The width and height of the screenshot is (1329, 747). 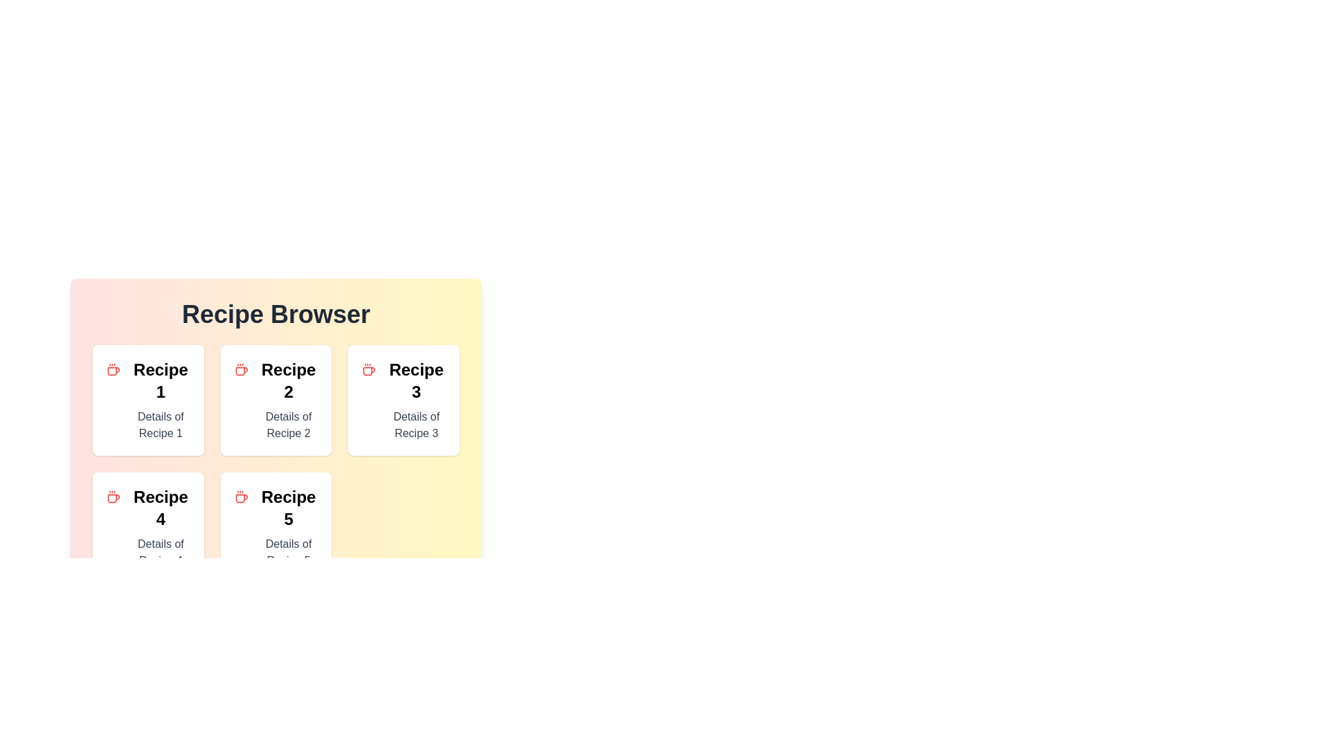 What do you see at coordinates (148, 400) in the screenshot?
I see `the card displaying 'Recipe 1' with a red coffee icon, located in the first column of the first row under the 'Recipe Browser' heading` at bounding box center [148, 400].